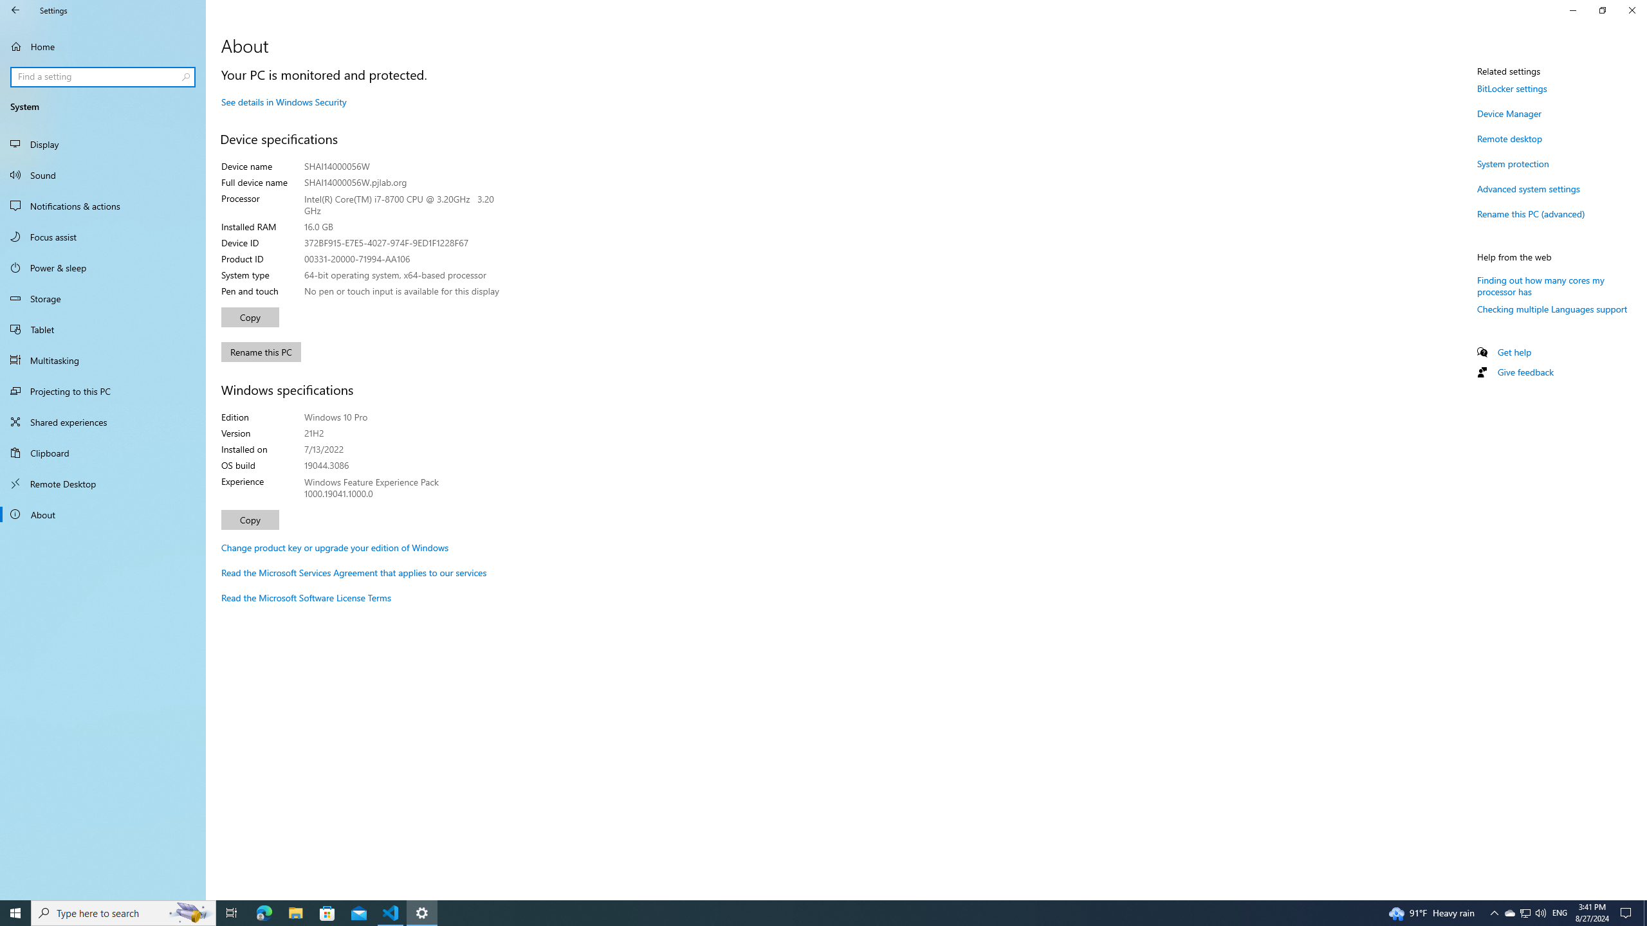 The height and width of the screenshot is (926, 1647). I want to click on 'Storage', so click(102, 298).